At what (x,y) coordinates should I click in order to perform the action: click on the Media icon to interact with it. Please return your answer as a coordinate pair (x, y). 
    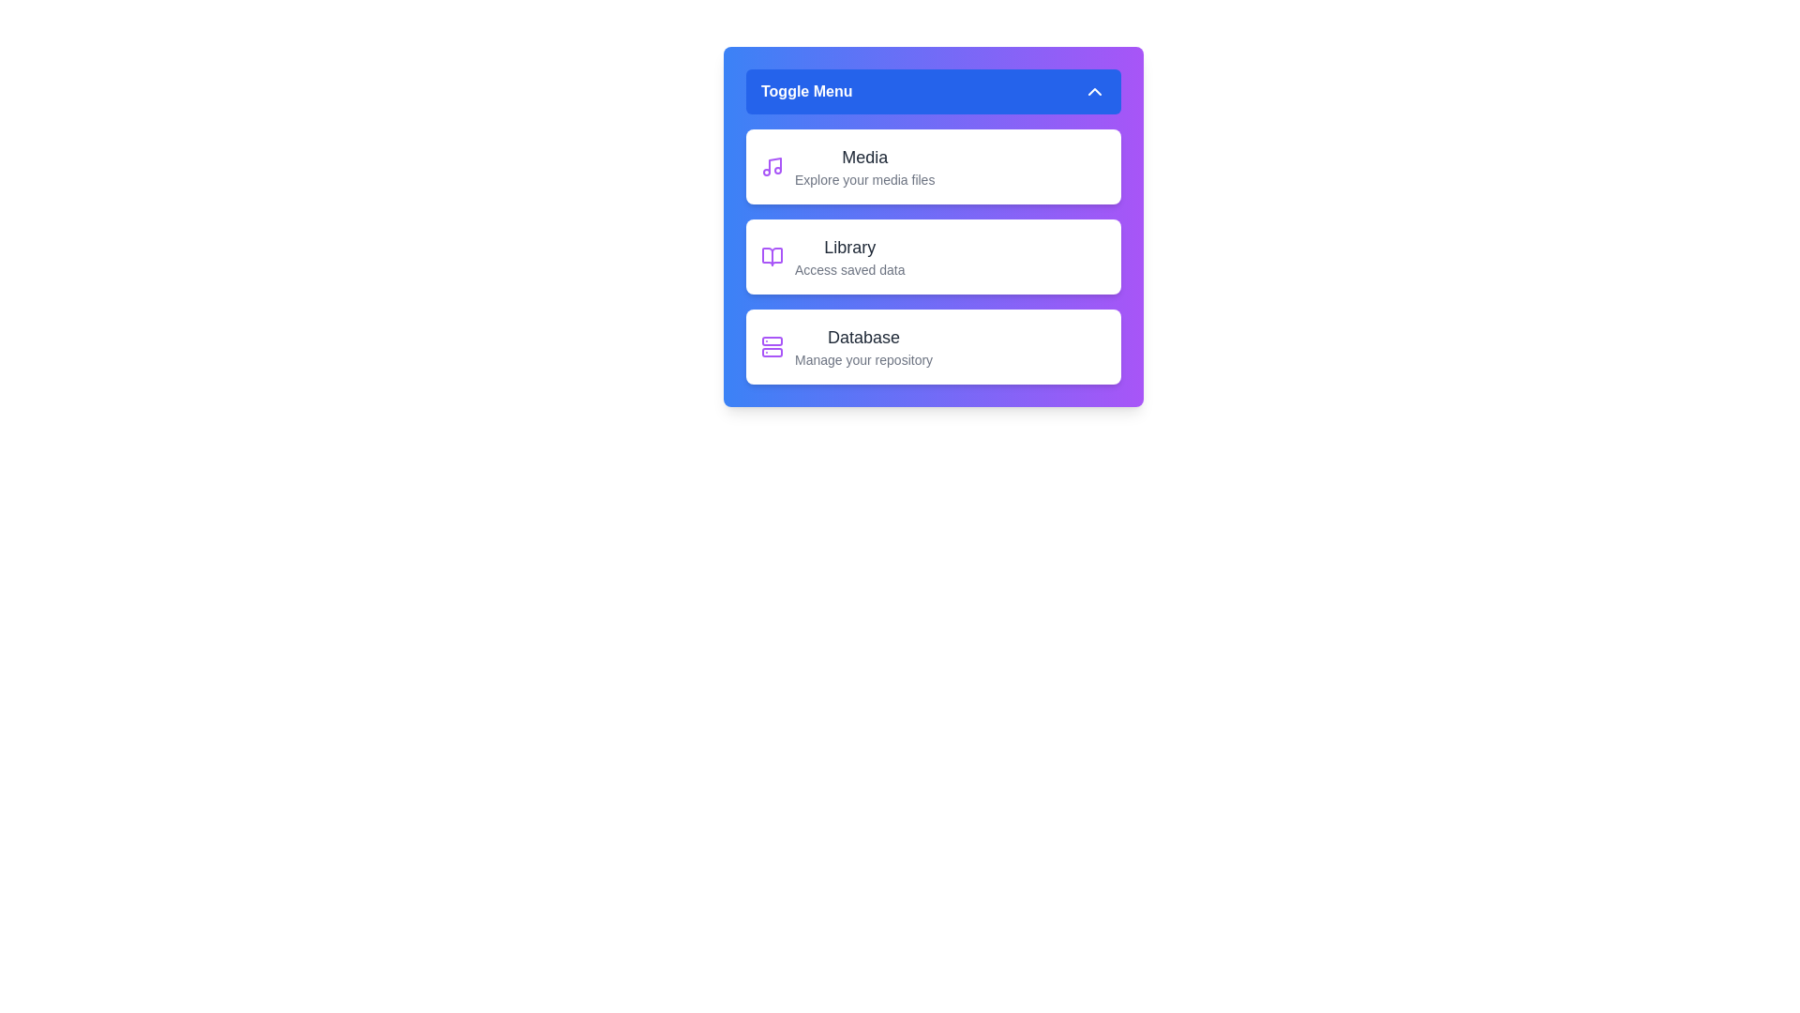
    Looking at the image, I should click on (772, 165).